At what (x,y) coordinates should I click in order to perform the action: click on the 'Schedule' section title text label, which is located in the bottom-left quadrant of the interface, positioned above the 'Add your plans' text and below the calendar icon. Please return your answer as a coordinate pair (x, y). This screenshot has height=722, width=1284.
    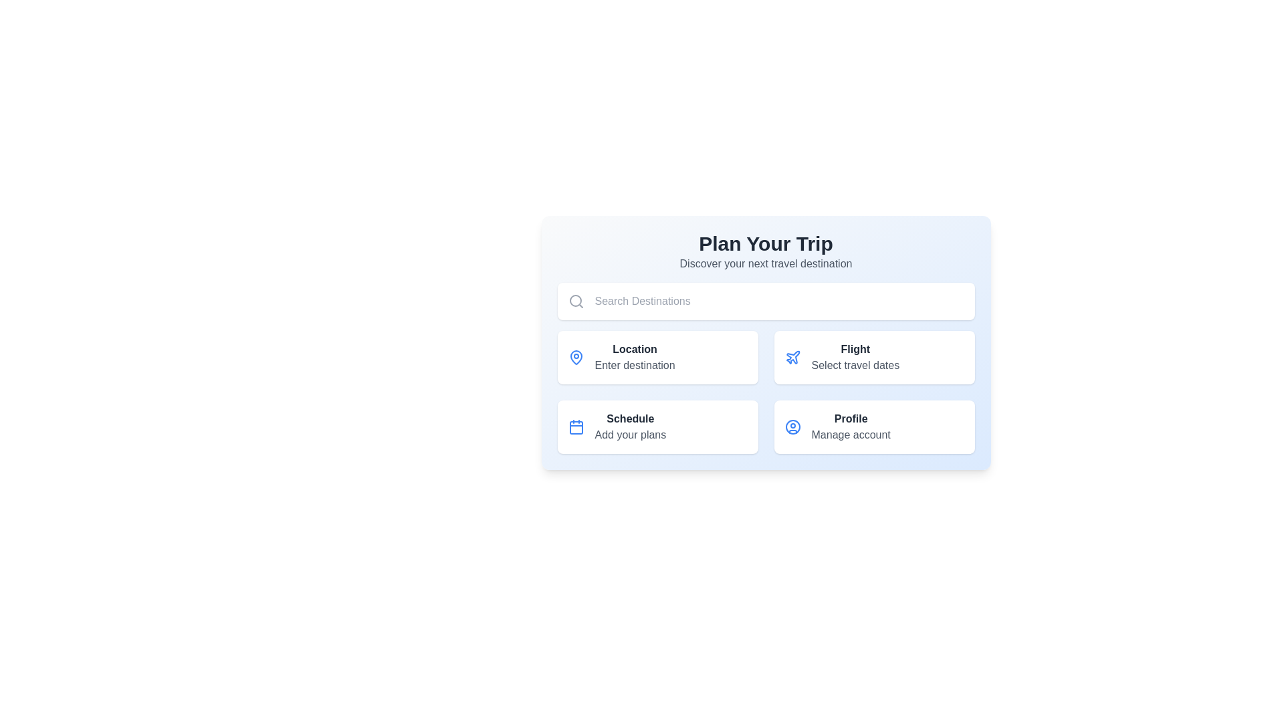
    Looking at the image, I should click on (629, 418).